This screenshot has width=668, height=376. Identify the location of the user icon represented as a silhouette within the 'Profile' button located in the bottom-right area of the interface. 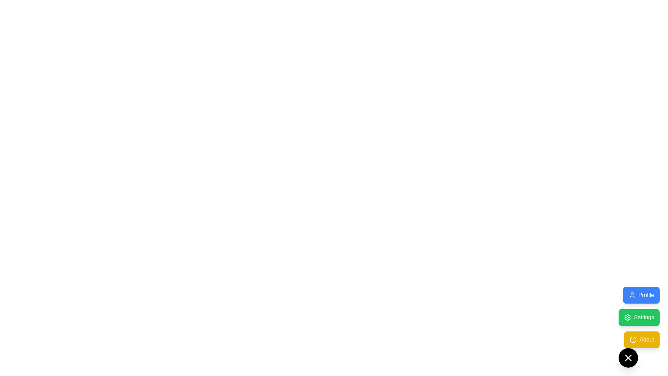
(632, 295).